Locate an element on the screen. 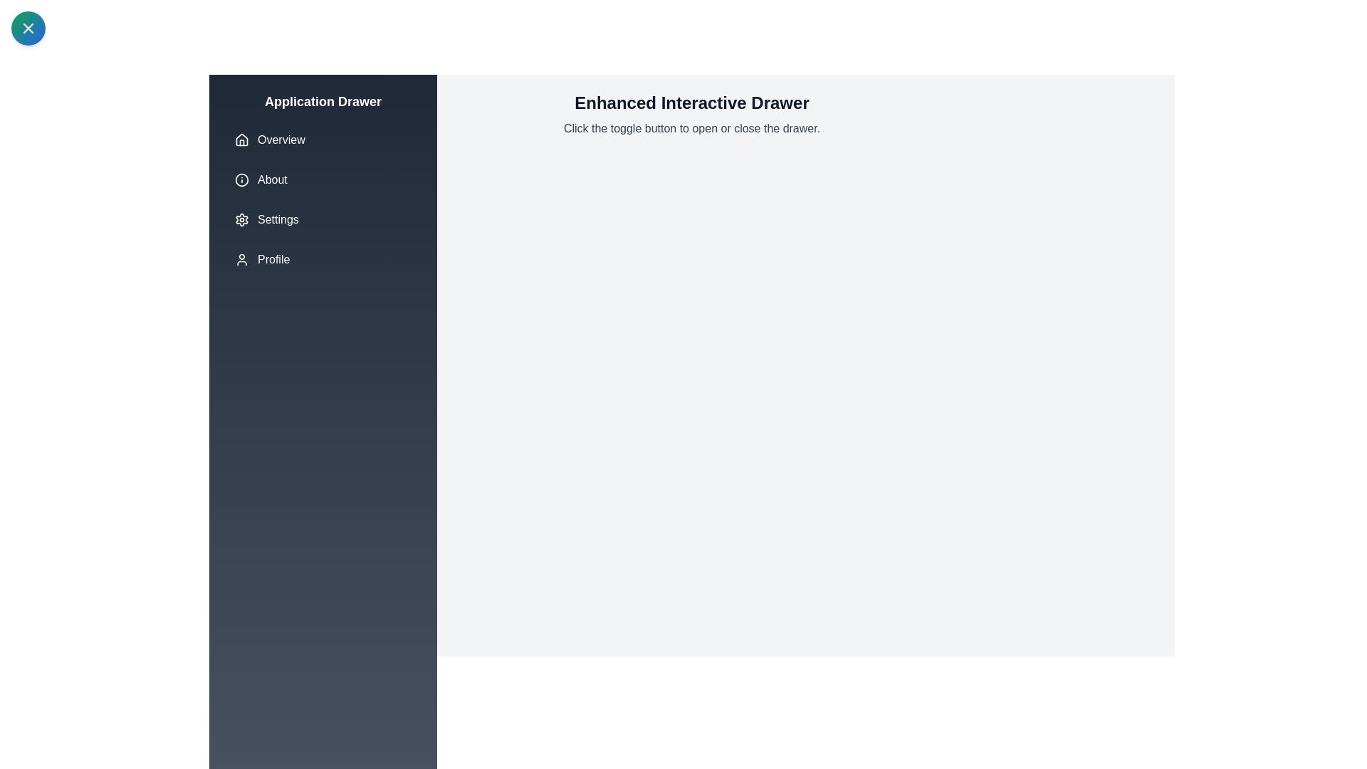 The height and width of the screenshot is (769, 1367). the section Overview in the drawer menu is located at coordinates (323, 140).